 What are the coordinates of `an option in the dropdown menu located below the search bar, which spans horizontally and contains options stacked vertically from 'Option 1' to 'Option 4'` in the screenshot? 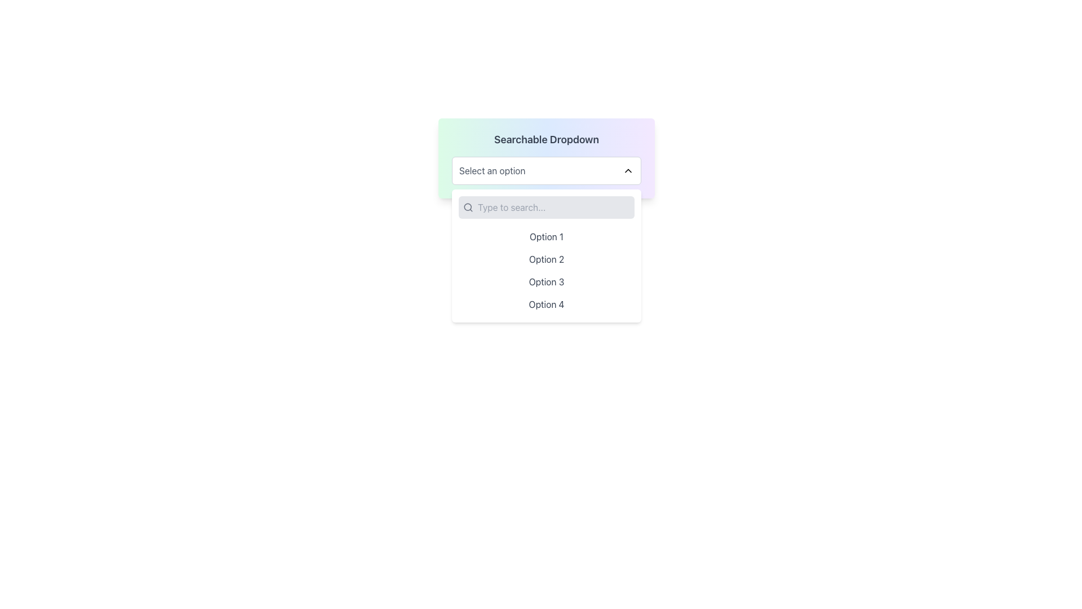 It's located at (546, 270).